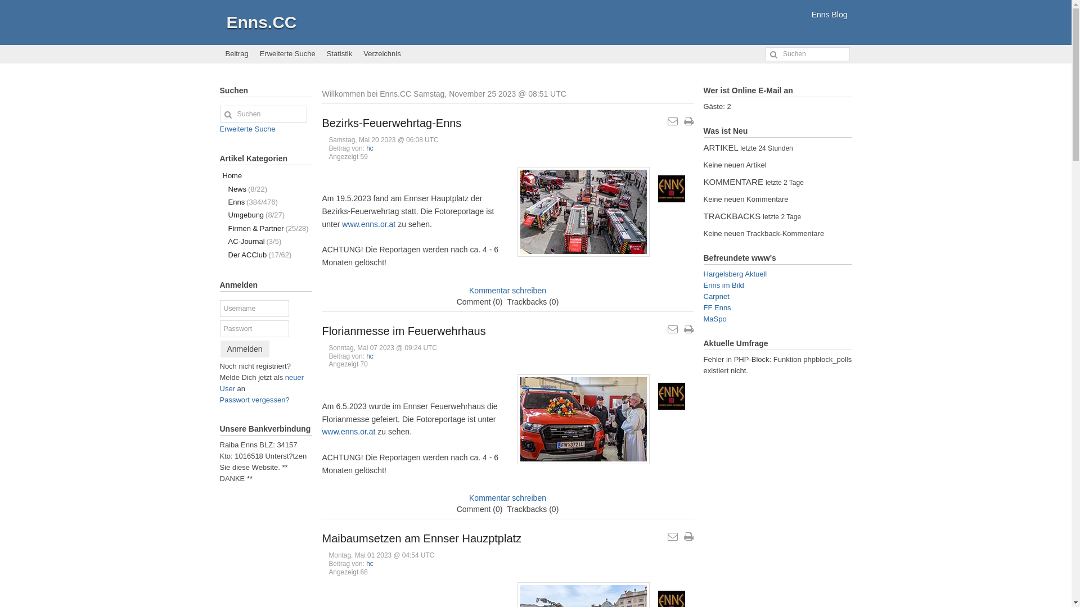 The width and height of the screenshot is (1080, 607). Describe the element at coordinates (370, 147) in the screenshot. I see `'hc'` at that location.